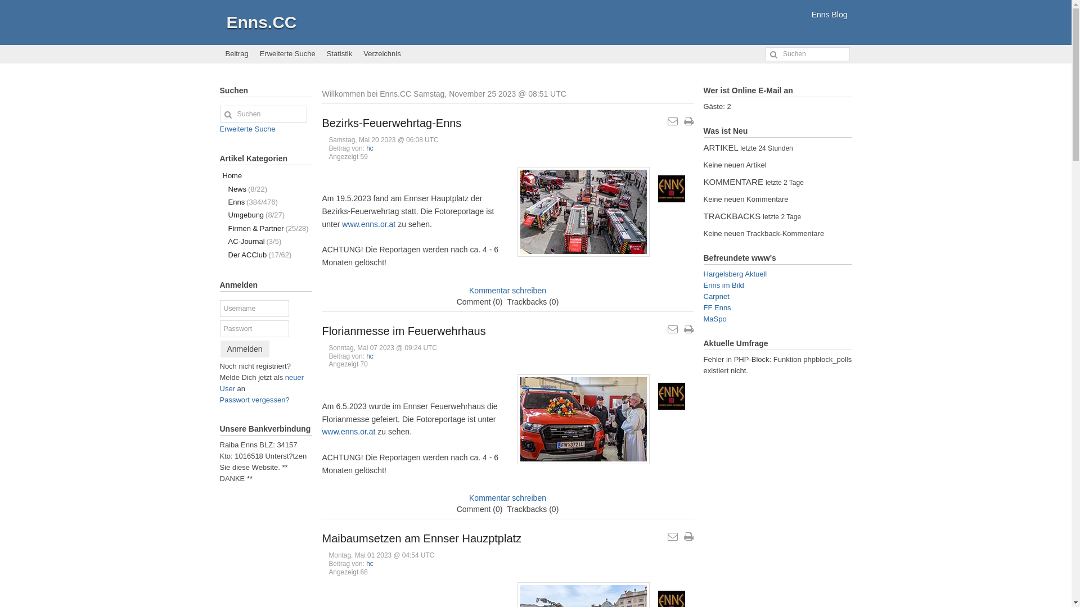 The width and height of the screenshot is (1080, 607). Describe the element at coordinates (370, 147) in the screenshot. I see `'hc'` at that location.